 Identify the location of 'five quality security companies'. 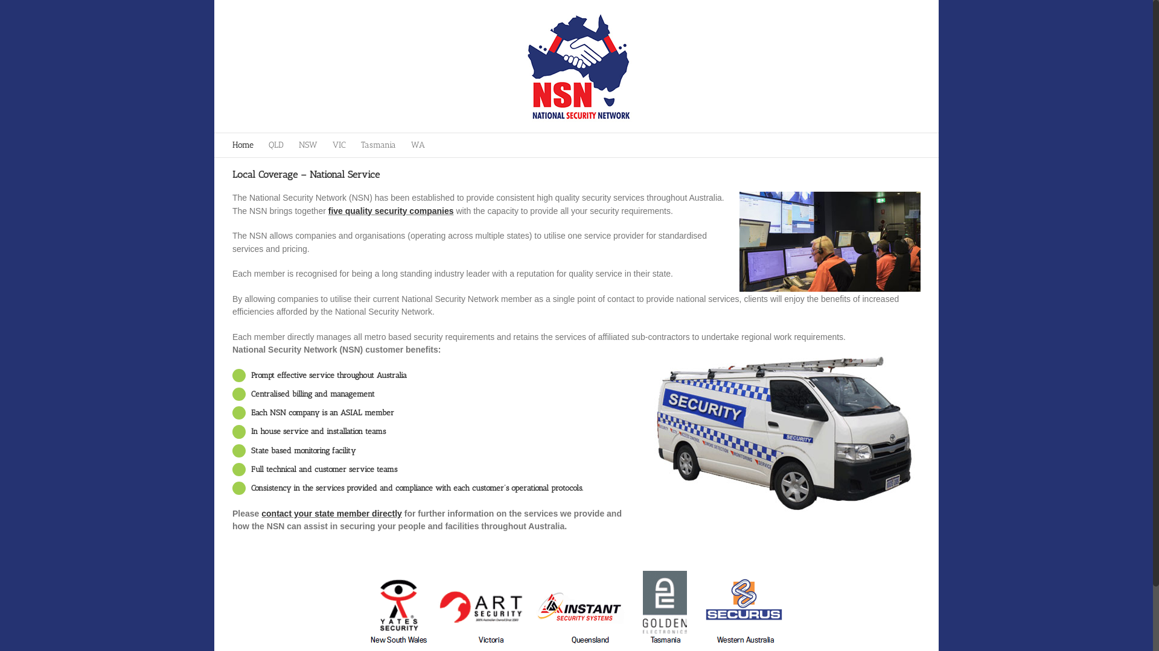
(391, 210).